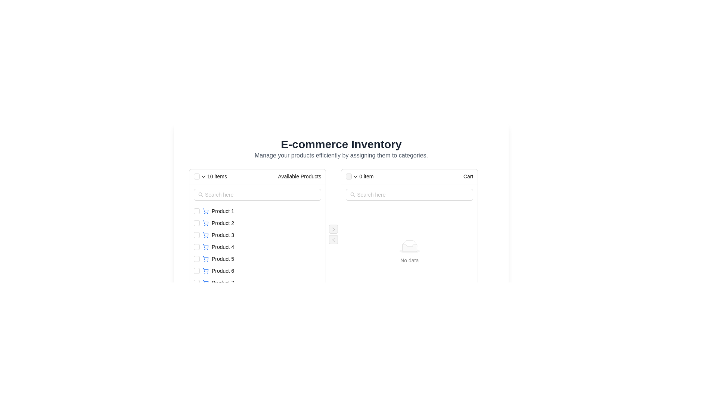  What do you see at coordinates (206, 283) in the screenshot?
I see `the shopping cart icon located to the left of the text 'Product 7' in the vertical product listing` at bounding box center [206, 283].